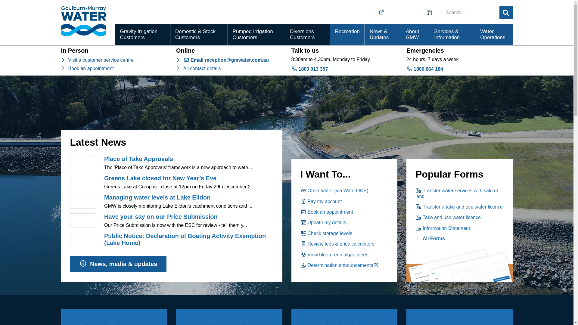 The image size is (578, 325). I want to click on 'Place of Take Approvals', so click(138, 159).